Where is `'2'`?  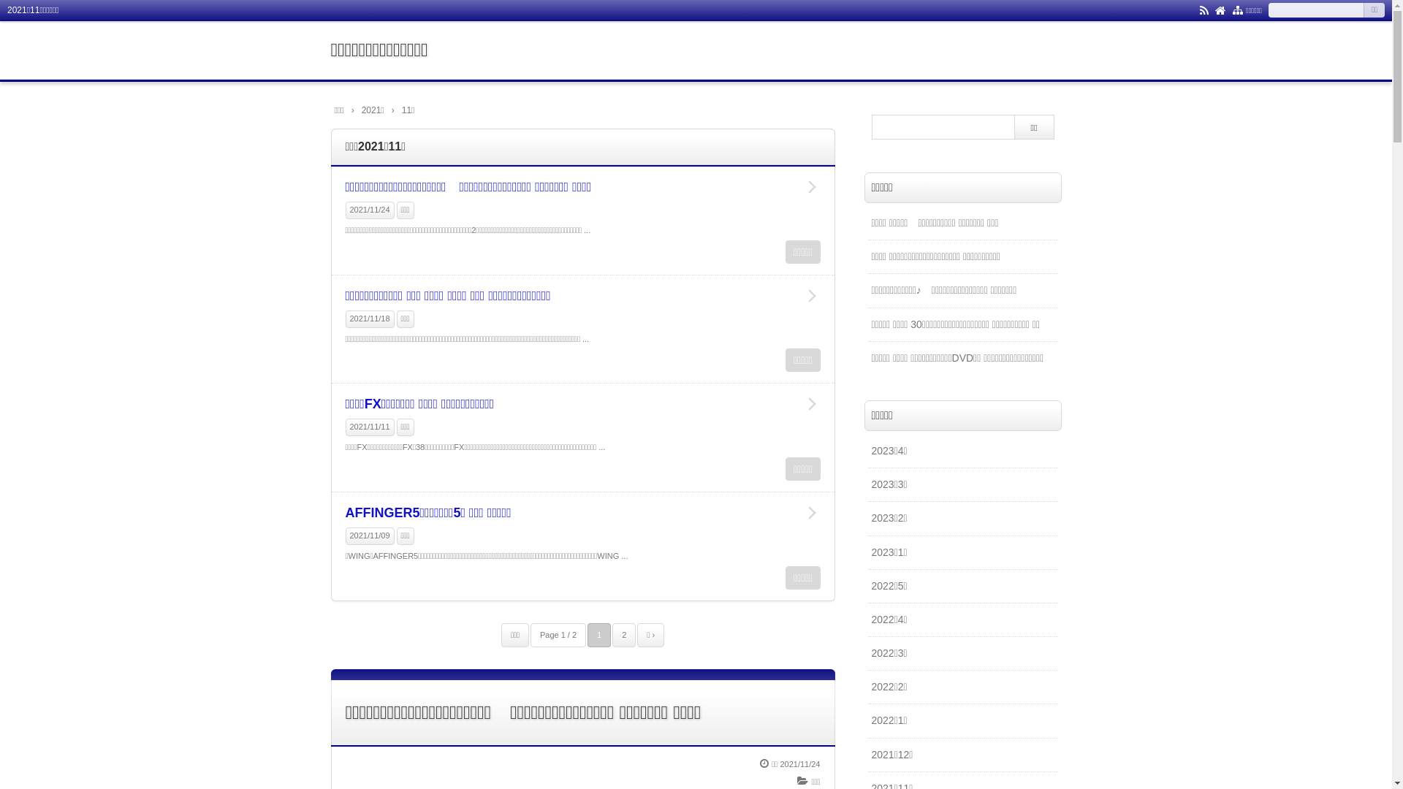
'2' is located at coordinates (624, 634).